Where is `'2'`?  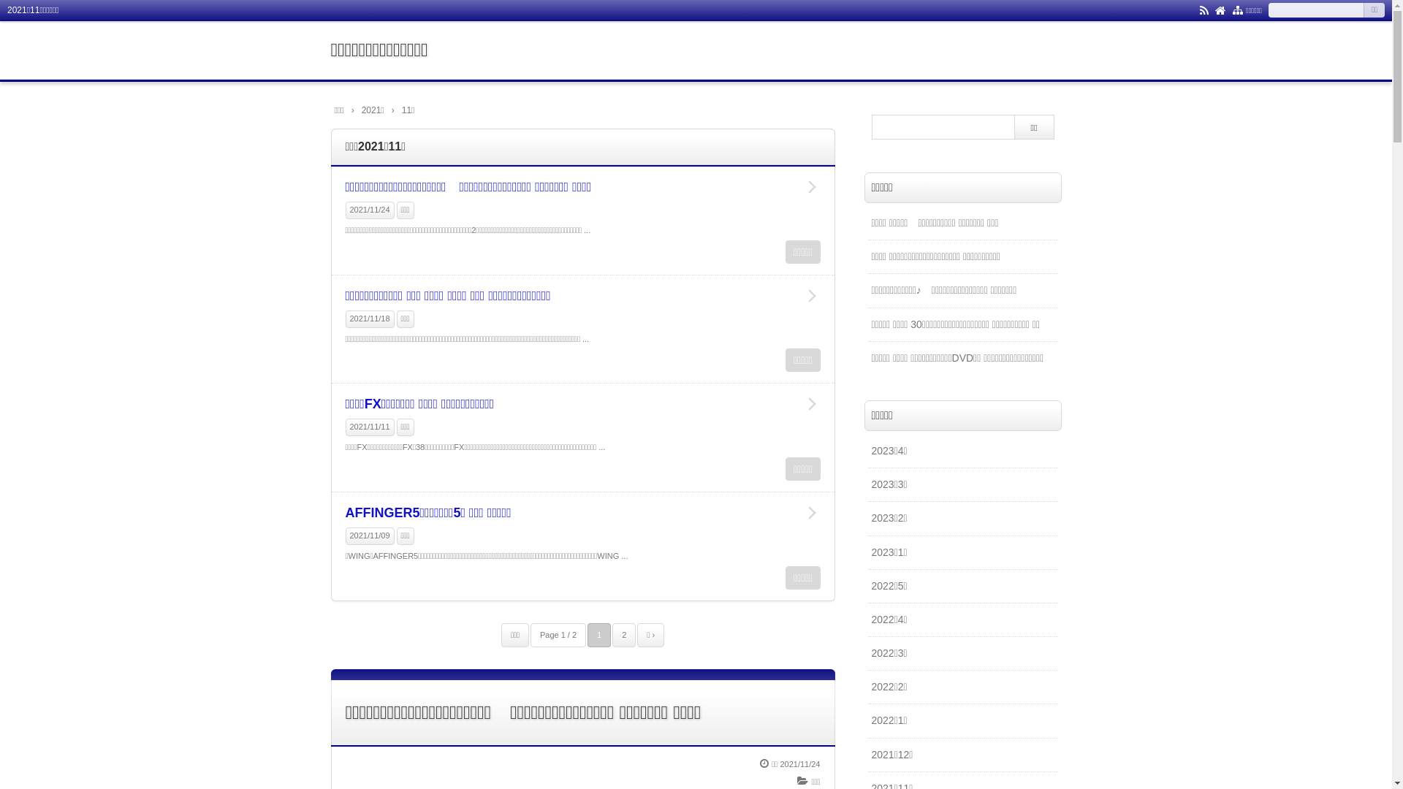
'2' is located at coordinates (624, 634).